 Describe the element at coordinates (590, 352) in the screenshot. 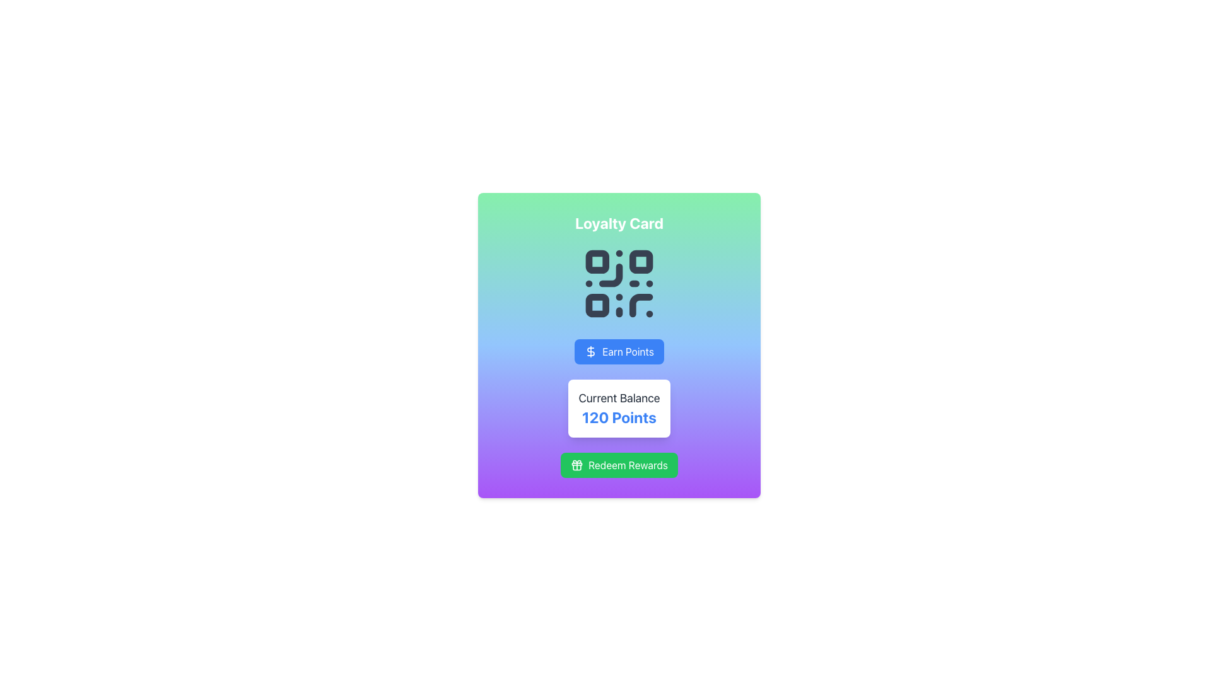

I see `the SVG icon shaped like a dollar sign ($) located to the left of the 'Earn Points' text within the blue button` at that location.